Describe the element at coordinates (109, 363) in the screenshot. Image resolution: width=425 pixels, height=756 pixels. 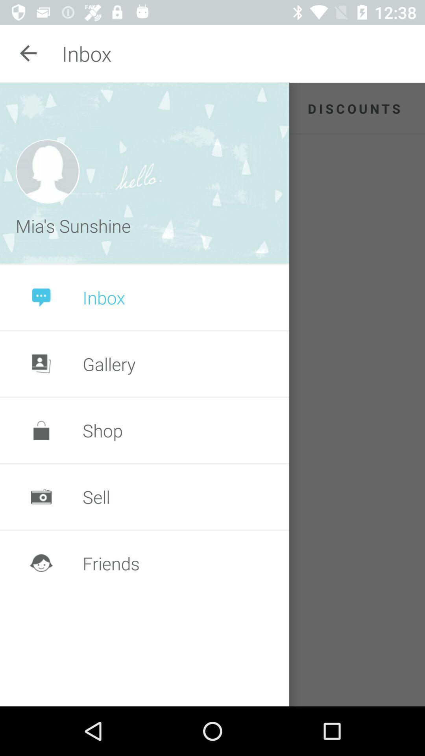
I see `the gallery item` at that location.